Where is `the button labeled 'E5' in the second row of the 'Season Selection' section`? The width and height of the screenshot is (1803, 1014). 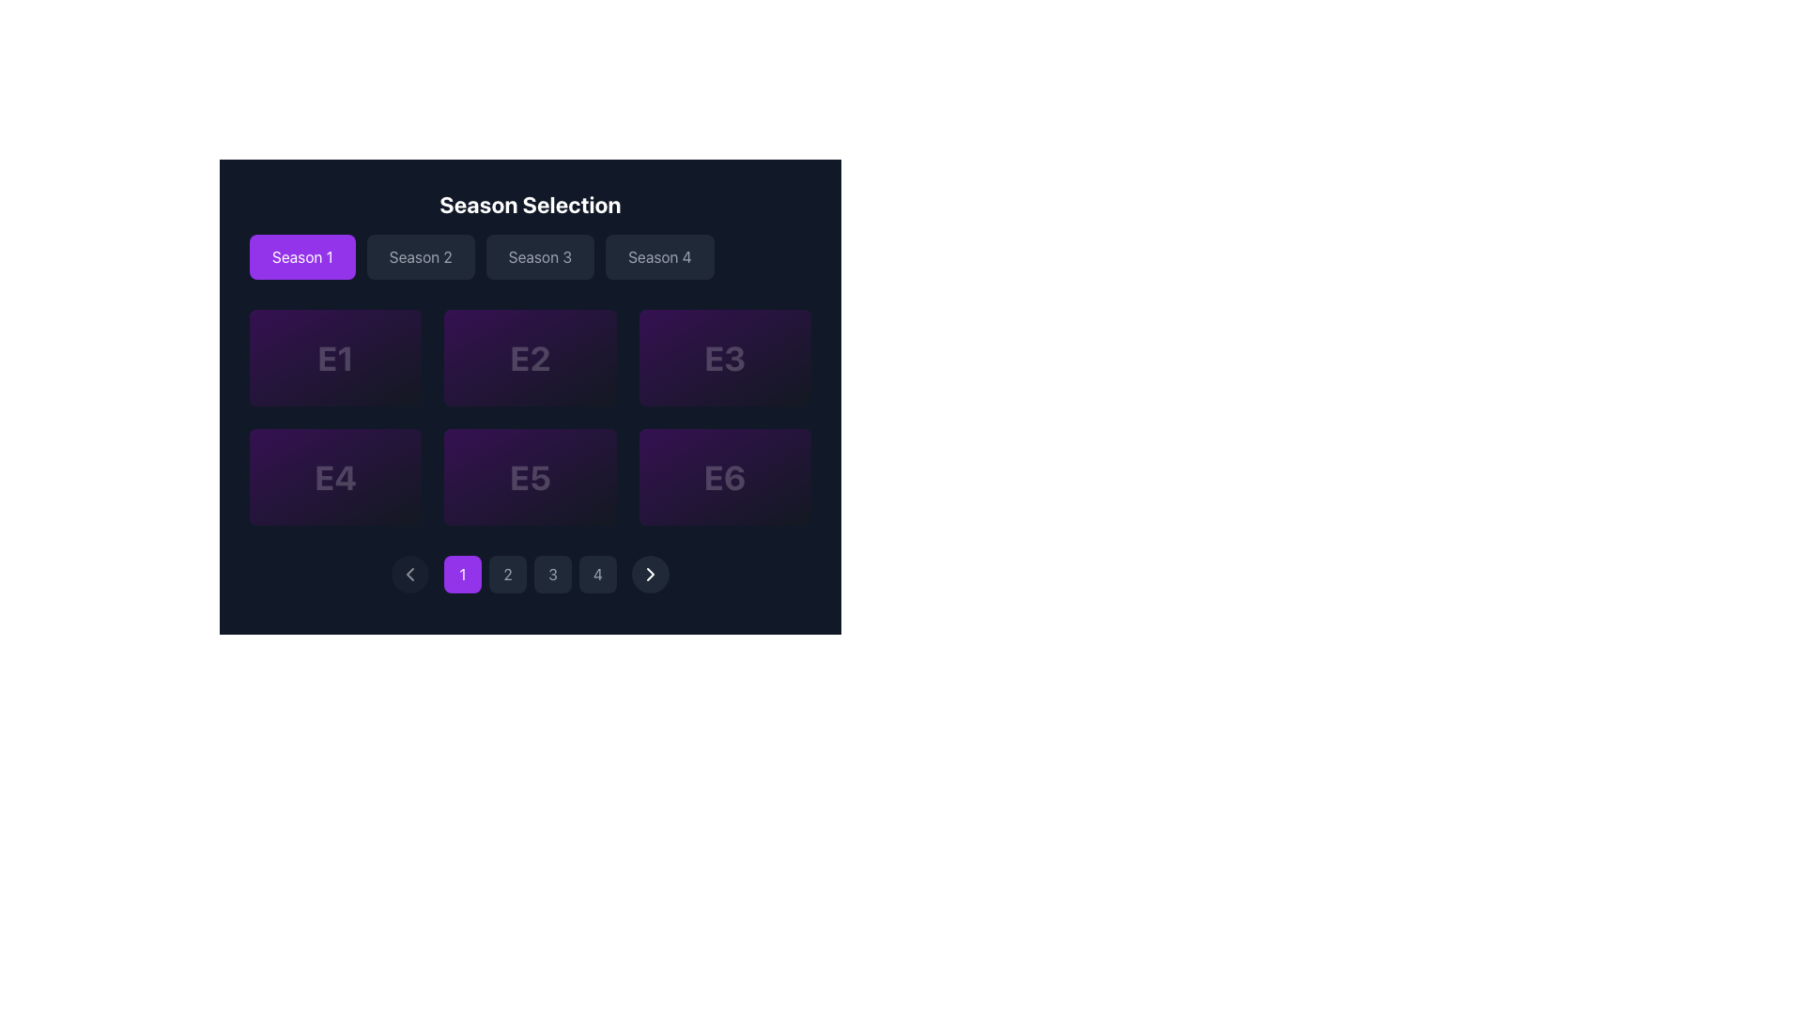 the button labeled 'E5' in the second row of the 'Season Selection' section is located at coordinates (530, 476).